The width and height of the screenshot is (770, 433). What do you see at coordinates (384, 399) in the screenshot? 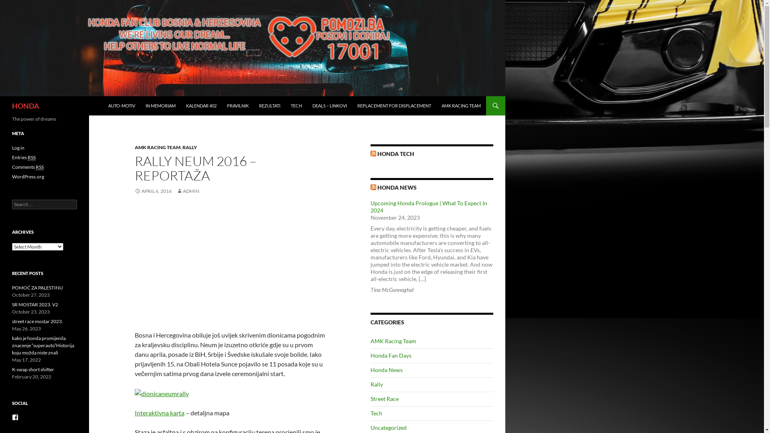
I see `'Street Race'` at bounding box center [384, 399].